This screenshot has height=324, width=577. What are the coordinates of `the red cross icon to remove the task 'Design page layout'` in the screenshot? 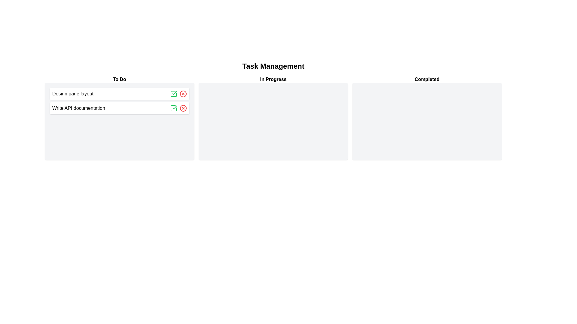 It's located at (183, 94).